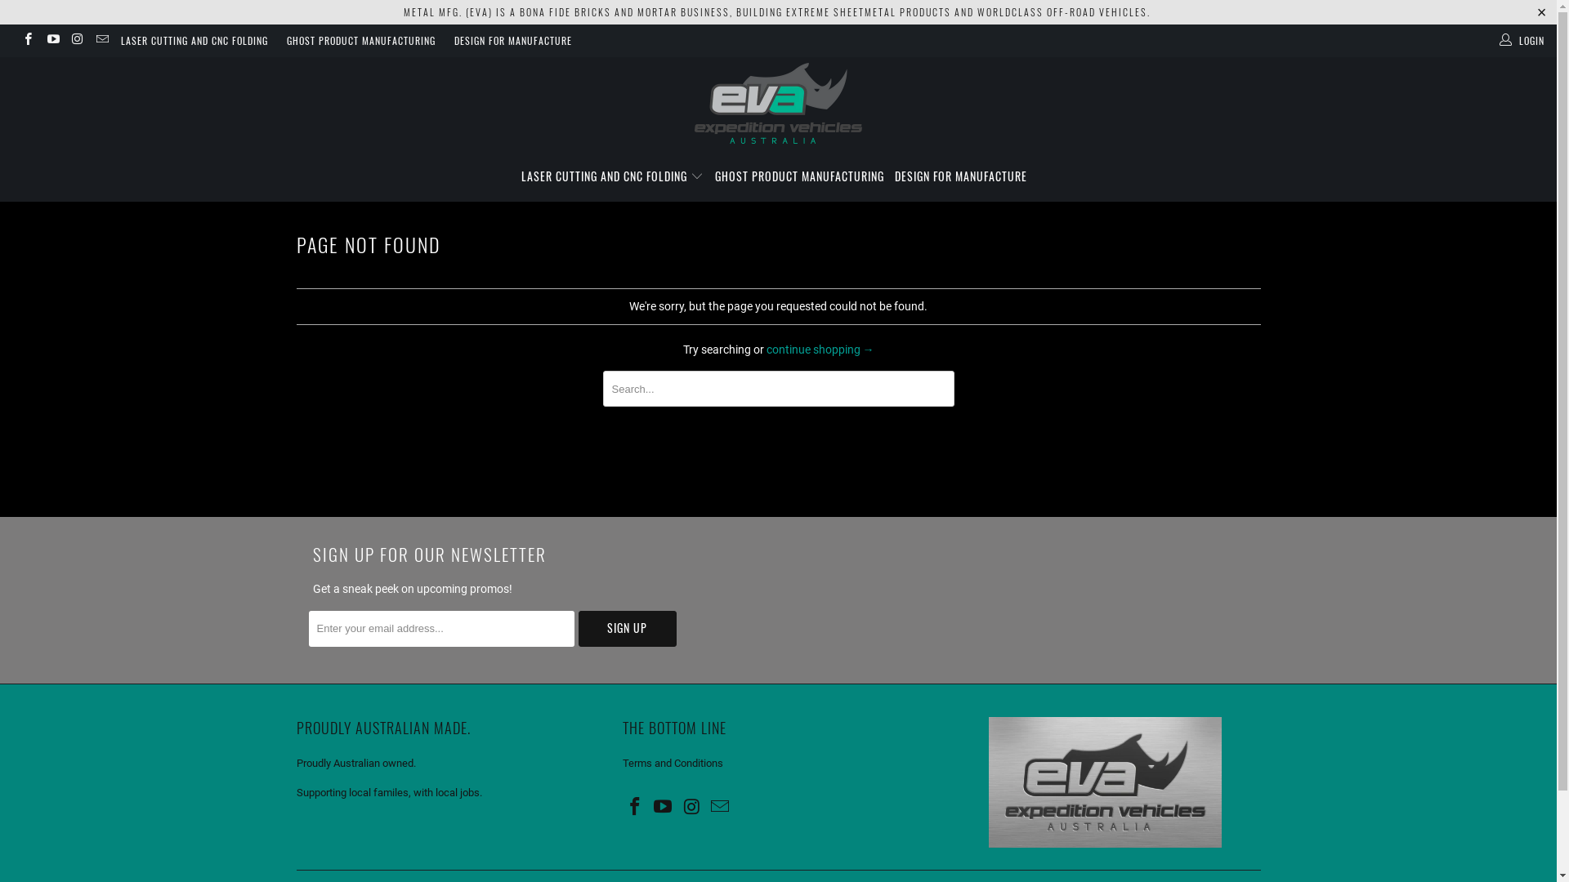 The image size is (1569, 882). Describe the element at coordinates (1522, 40) in the screenshot. I see `'LOGIN'` at that location.